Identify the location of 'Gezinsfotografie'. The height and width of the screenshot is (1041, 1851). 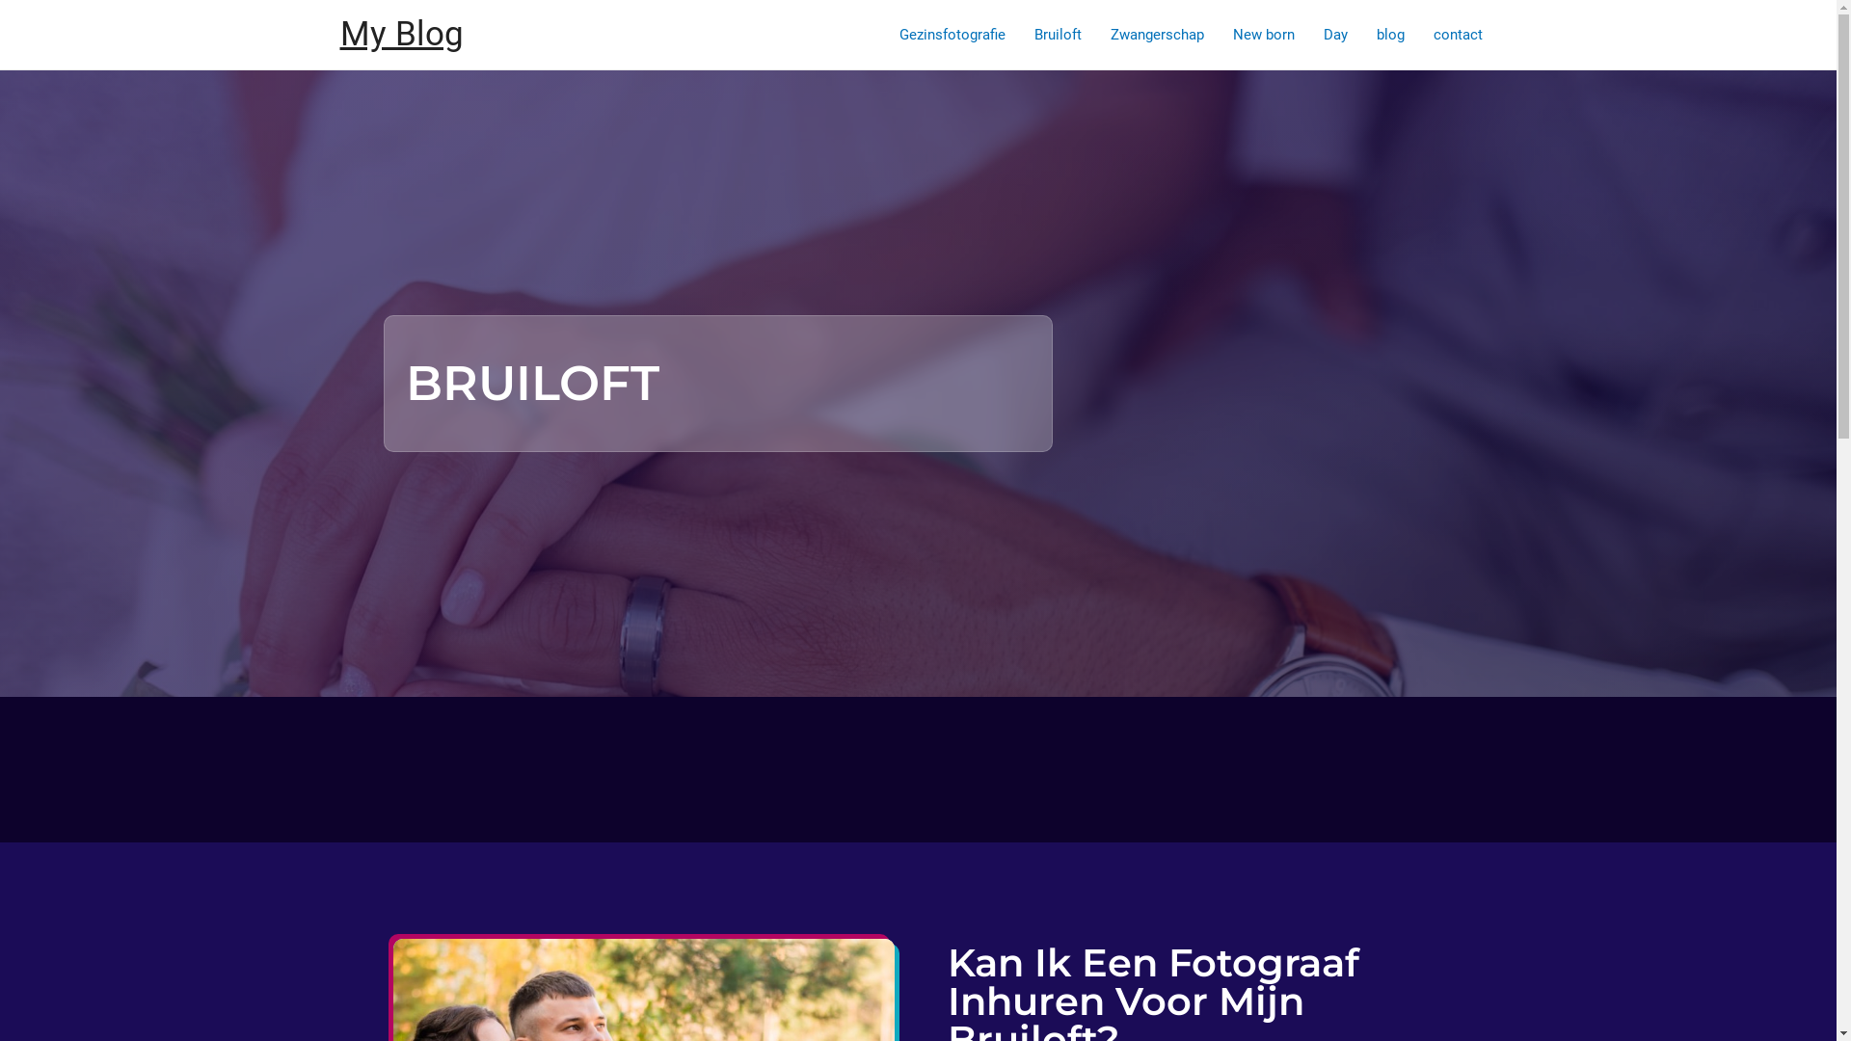
(952, 34).